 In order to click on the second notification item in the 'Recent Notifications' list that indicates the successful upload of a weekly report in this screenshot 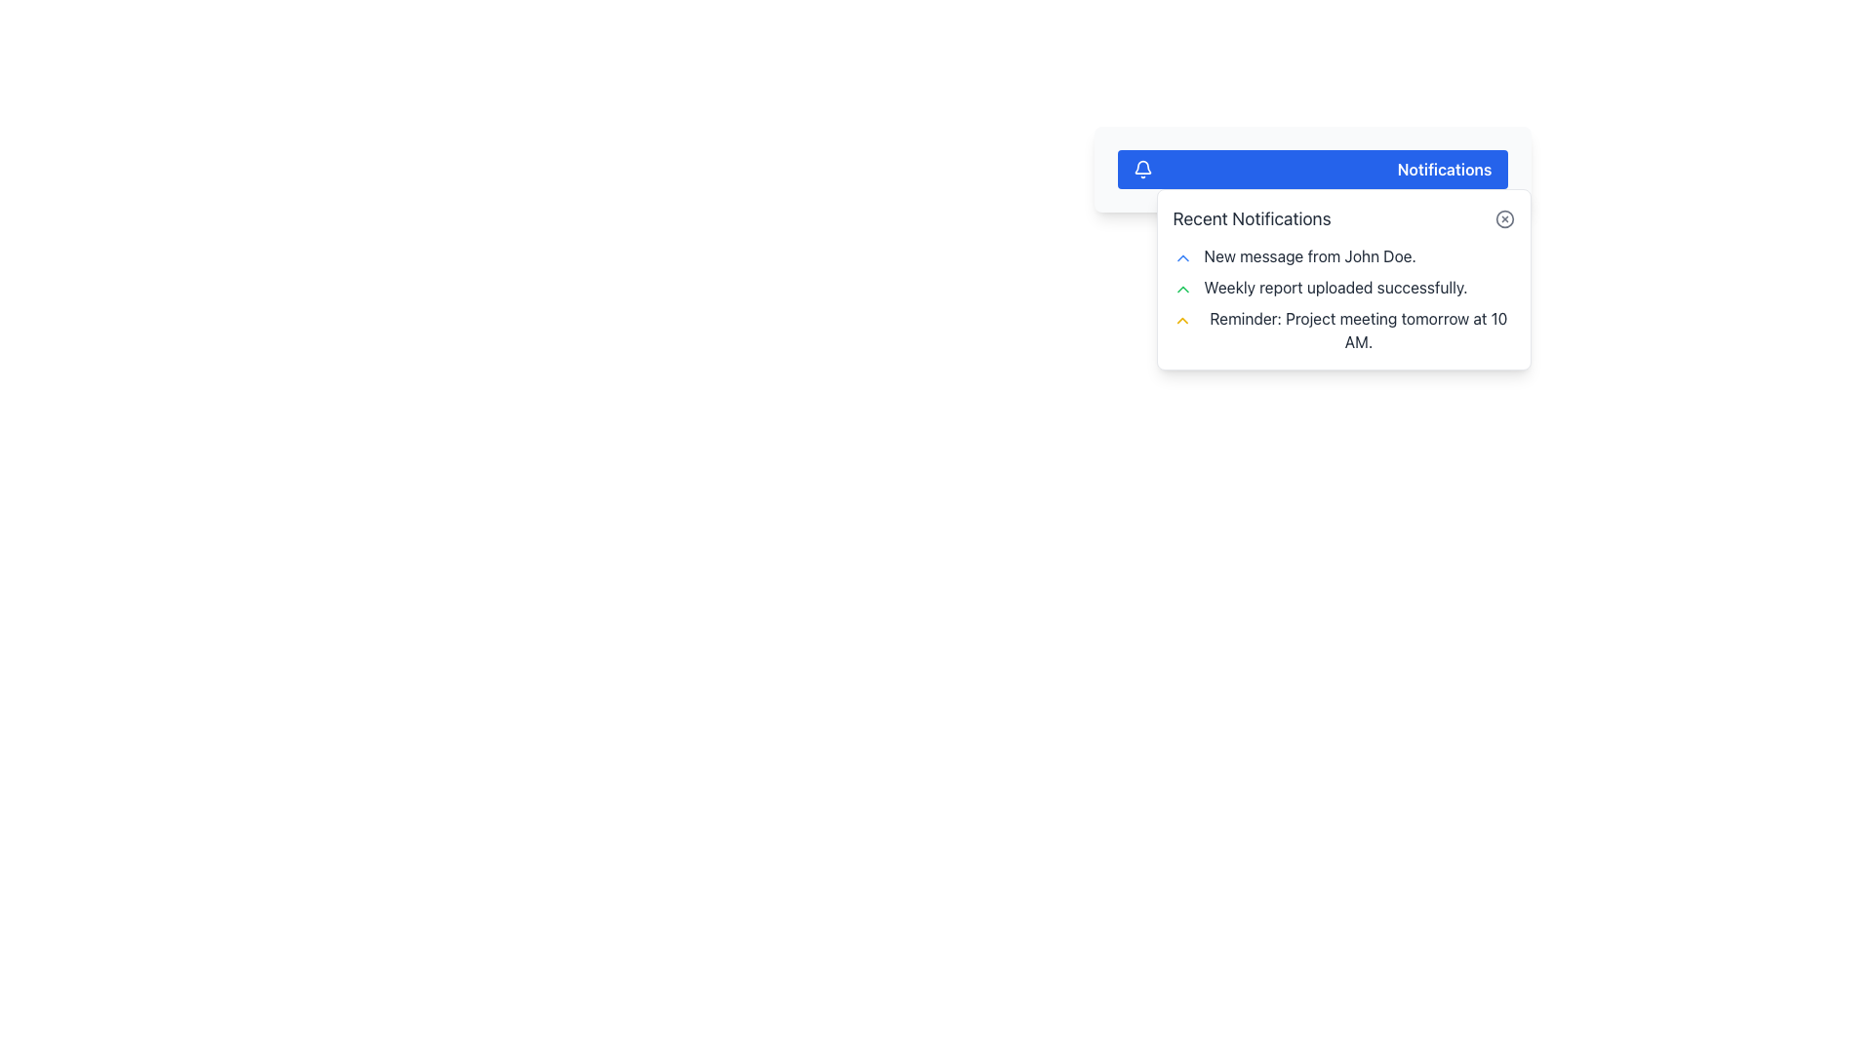, I will do `click(1342, 287)`.